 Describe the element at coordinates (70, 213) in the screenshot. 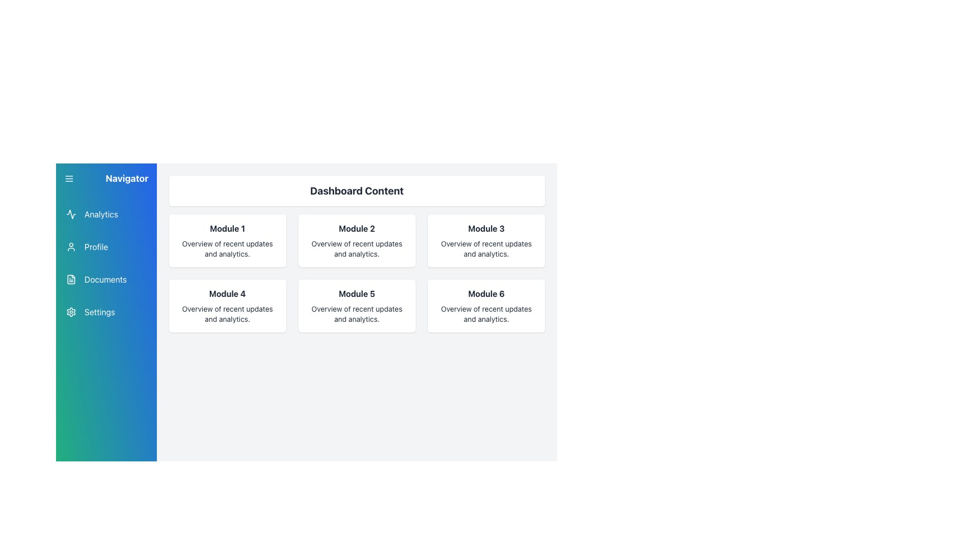

I see `the waveform icon located in the sidebar menu under the 'Navigator' label` at that location.